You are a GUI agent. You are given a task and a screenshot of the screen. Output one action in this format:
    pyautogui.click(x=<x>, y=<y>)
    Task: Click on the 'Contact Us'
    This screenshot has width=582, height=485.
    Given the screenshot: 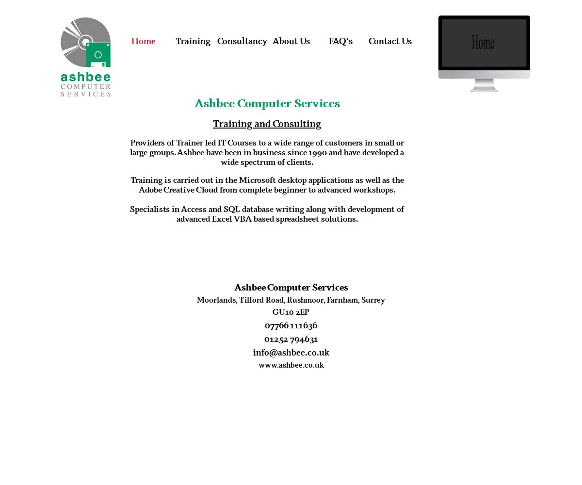 What is the action you would take?
    pyautogui.click(x=389, y=40)
    